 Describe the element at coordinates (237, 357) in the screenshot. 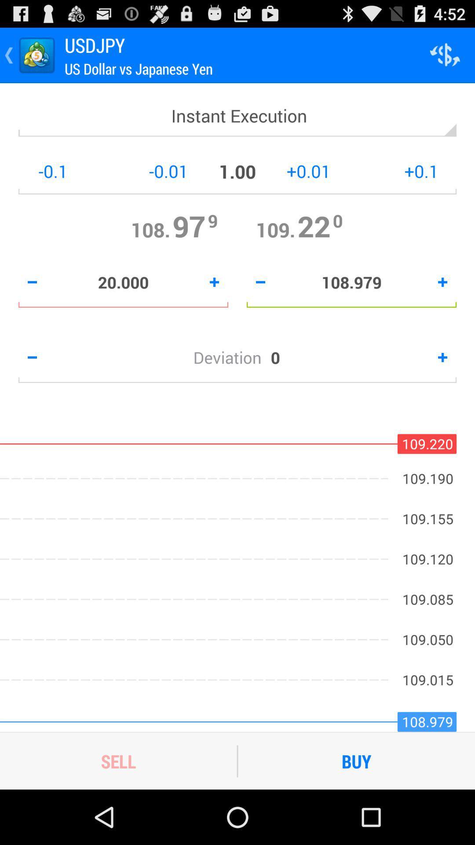

I see `the deviation 0` at that location.